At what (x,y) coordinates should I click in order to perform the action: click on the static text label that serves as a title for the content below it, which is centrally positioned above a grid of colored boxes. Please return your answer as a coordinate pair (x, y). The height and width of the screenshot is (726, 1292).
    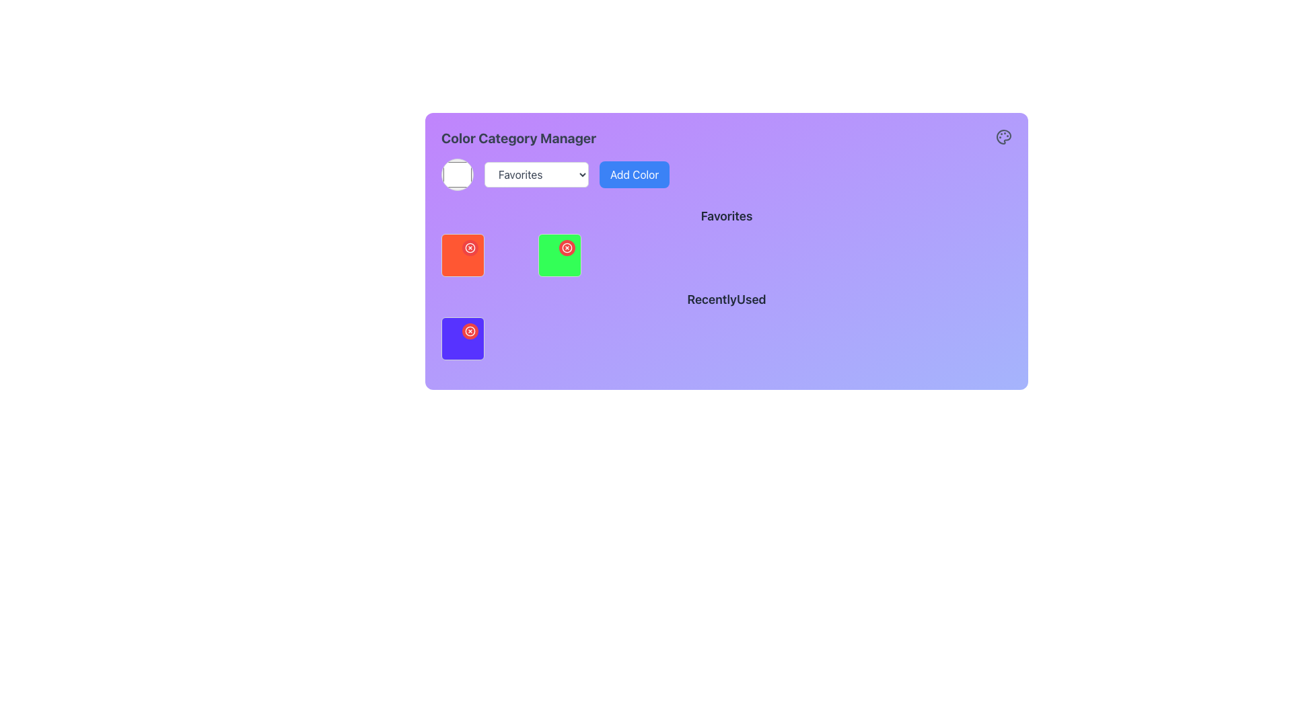
    Looking at the image, I should click on (726, 215).